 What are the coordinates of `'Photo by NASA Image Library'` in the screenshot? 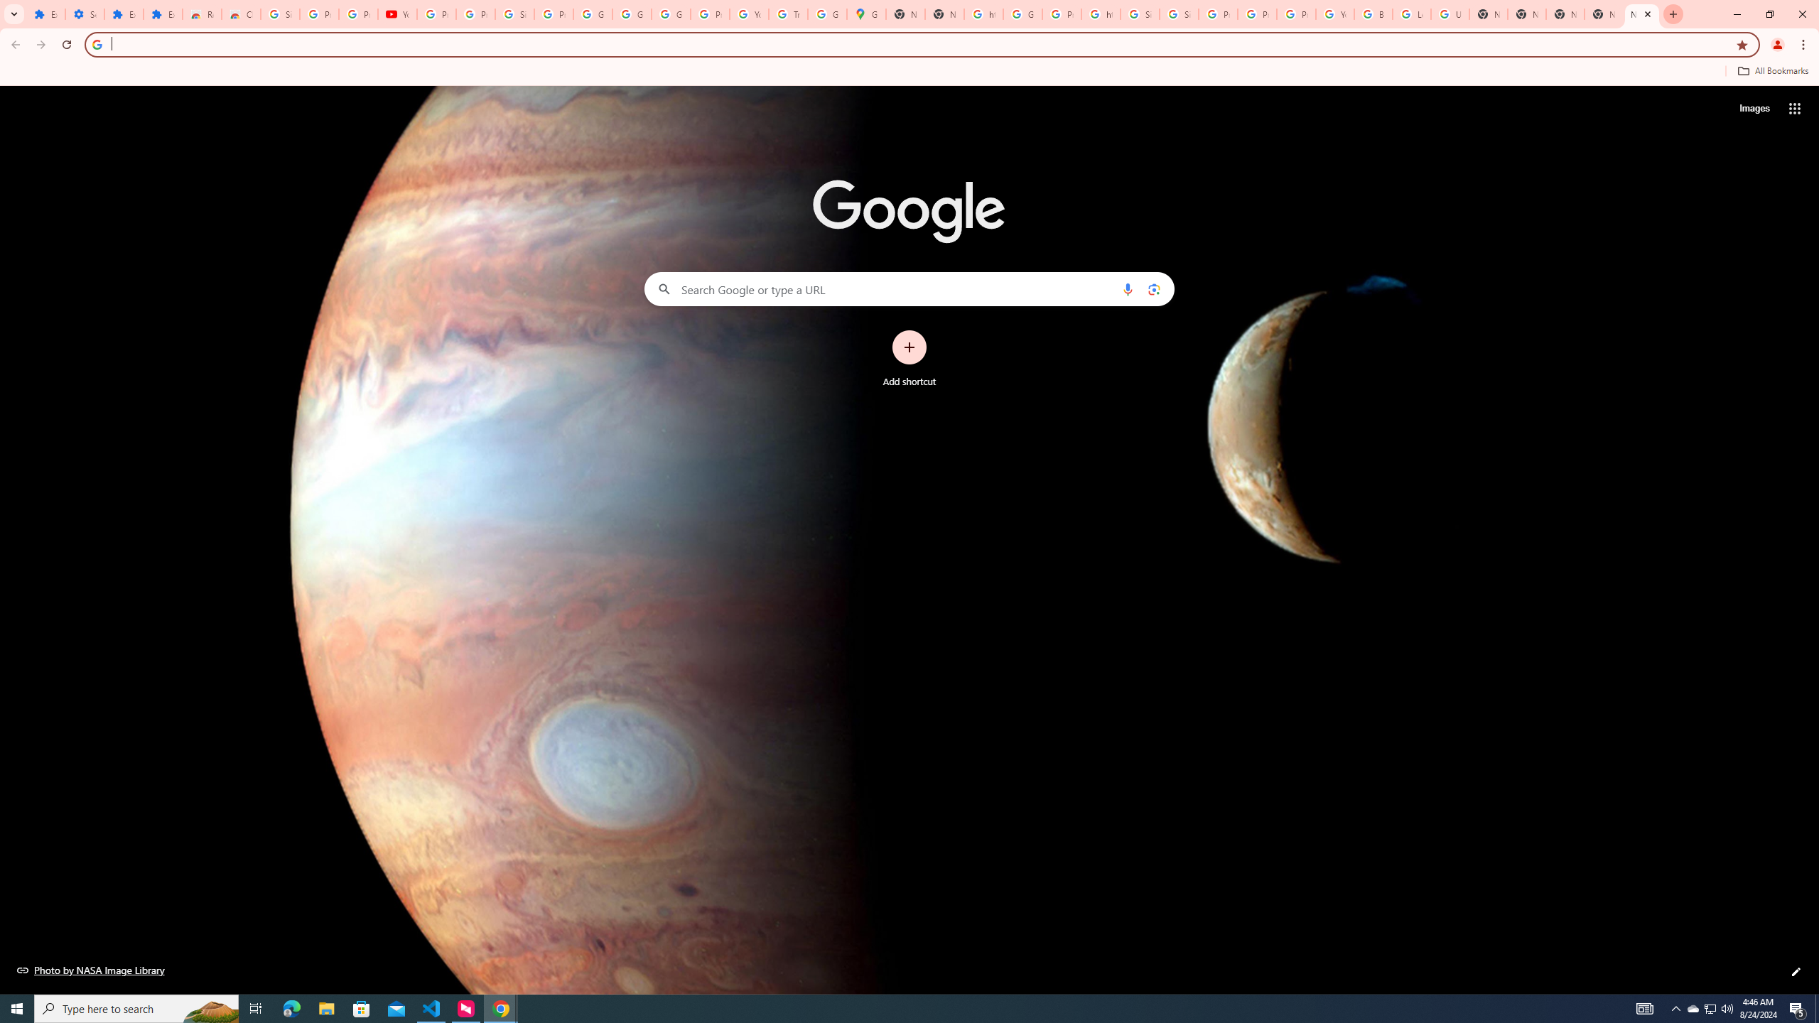 It's located at (90, 969).